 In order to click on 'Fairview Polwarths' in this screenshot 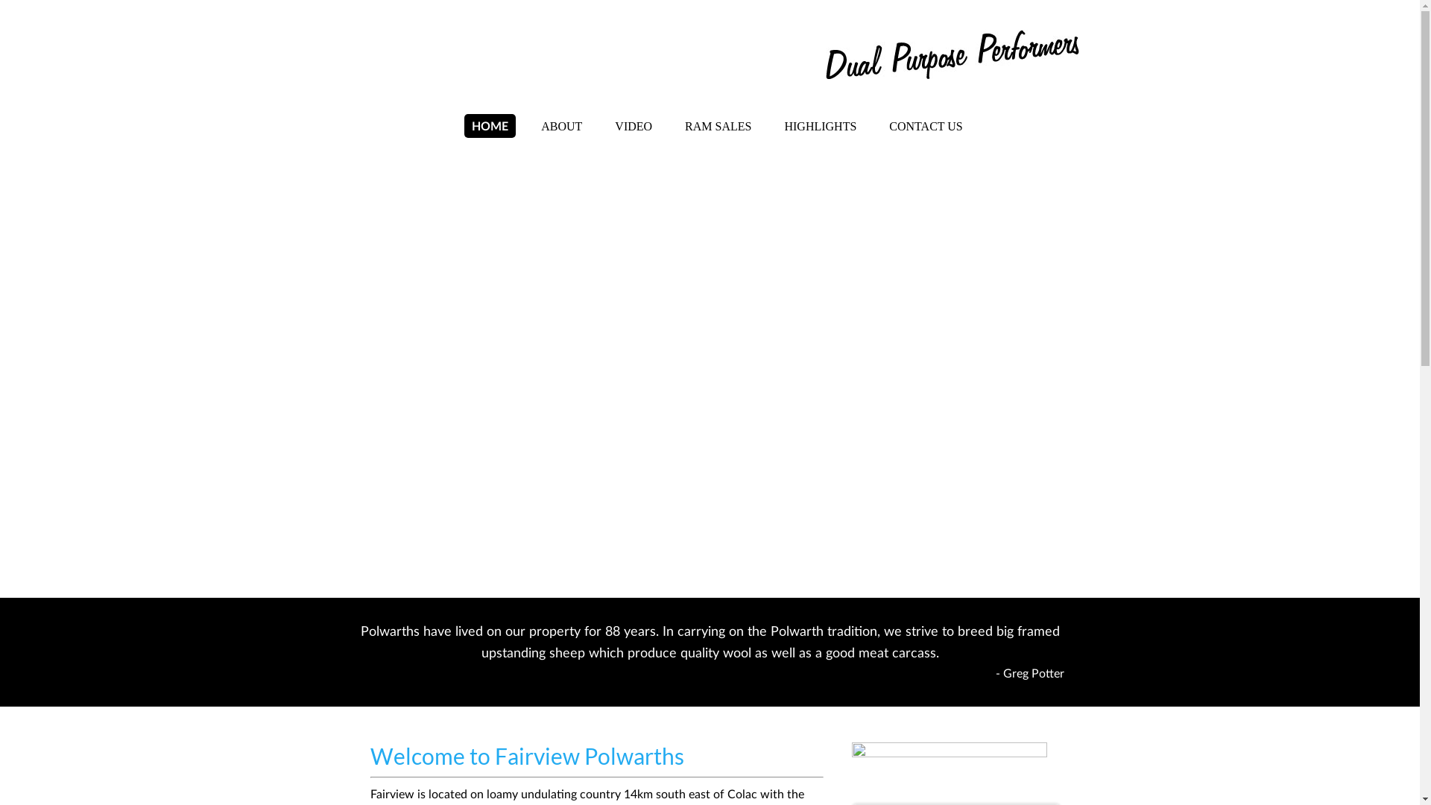, I will do `click(510, 56)`.